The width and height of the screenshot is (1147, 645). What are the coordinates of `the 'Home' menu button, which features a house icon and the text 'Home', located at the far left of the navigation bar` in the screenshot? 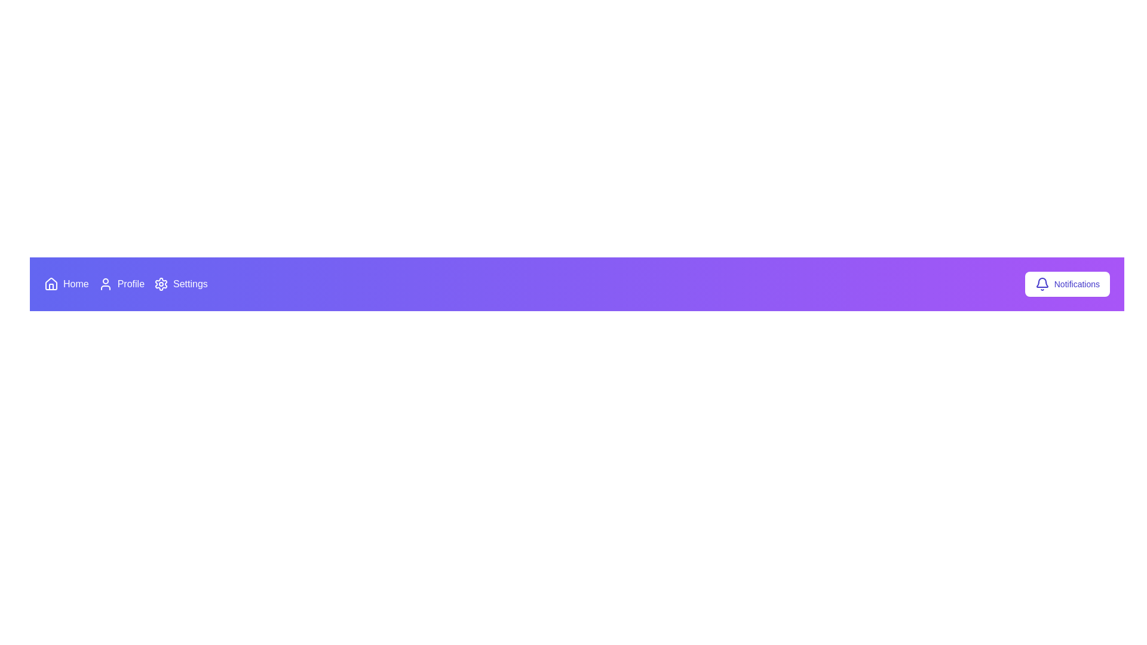 It's located at (66, 284).